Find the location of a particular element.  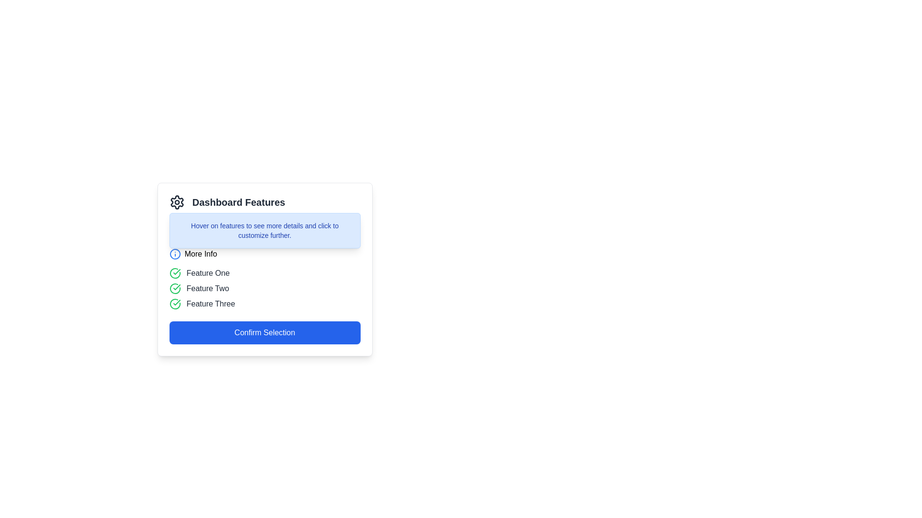

the selected icon that signifies 'Feature Two' is confirmed, located at the center-right of the label area is located at coordinates (177, 286).